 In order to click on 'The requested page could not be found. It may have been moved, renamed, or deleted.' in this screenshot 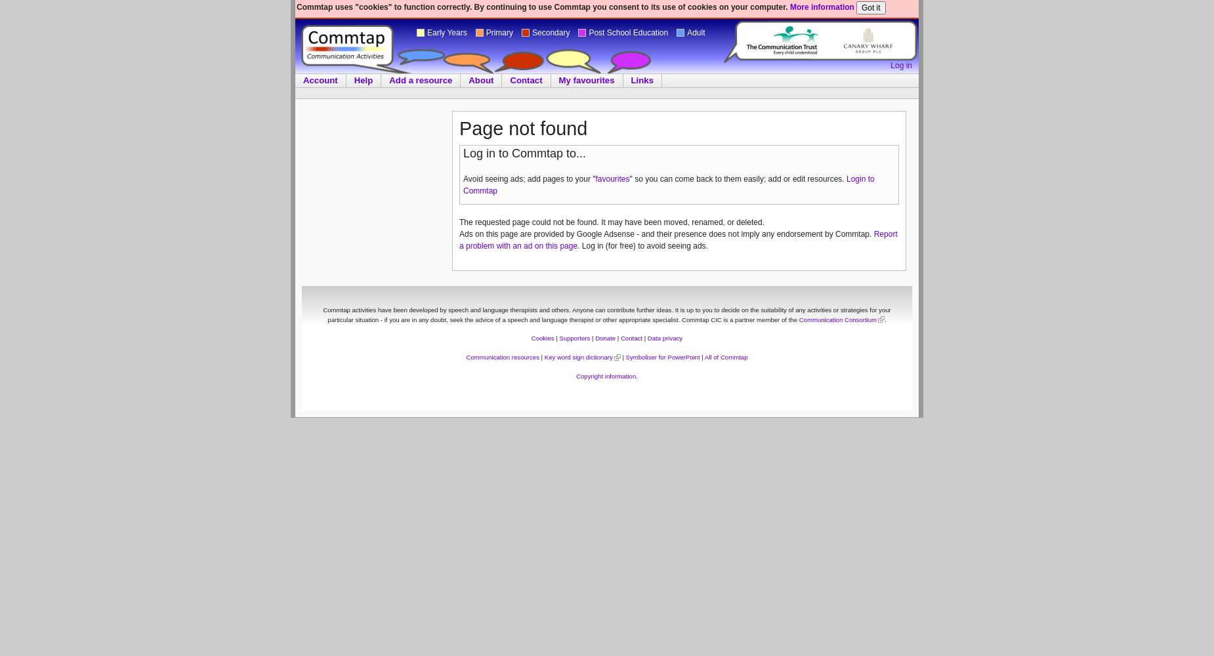, I will do `click(611, 222)`.